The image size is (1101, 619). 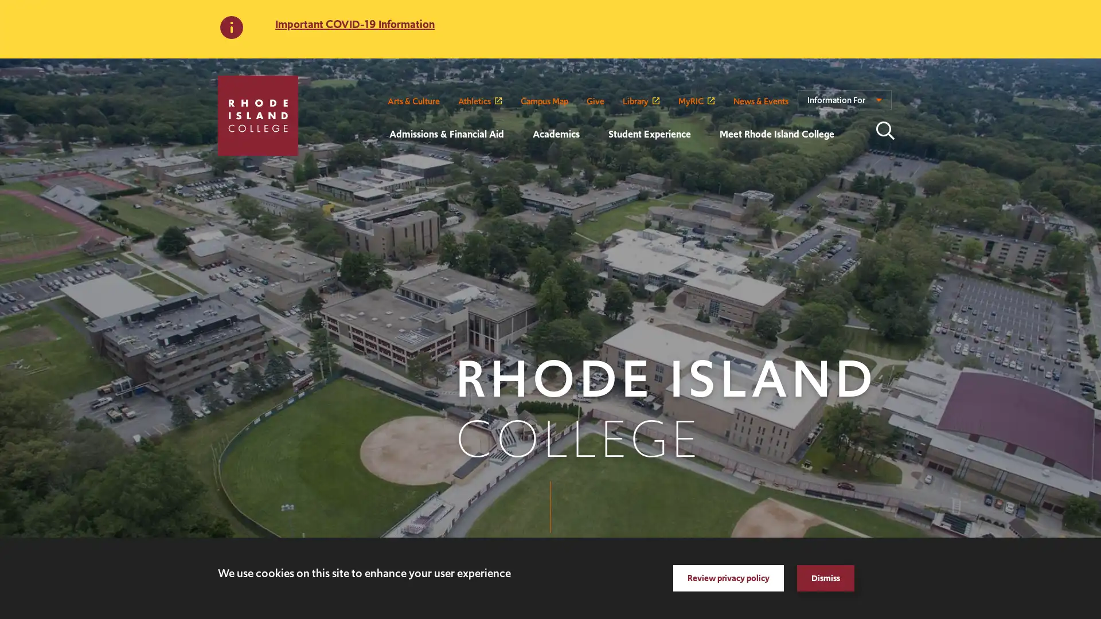 What do you see at coordinates (704, 165) in the screenshot?
I see `Meet Rhode Island College` at bounding box center [704, 165].